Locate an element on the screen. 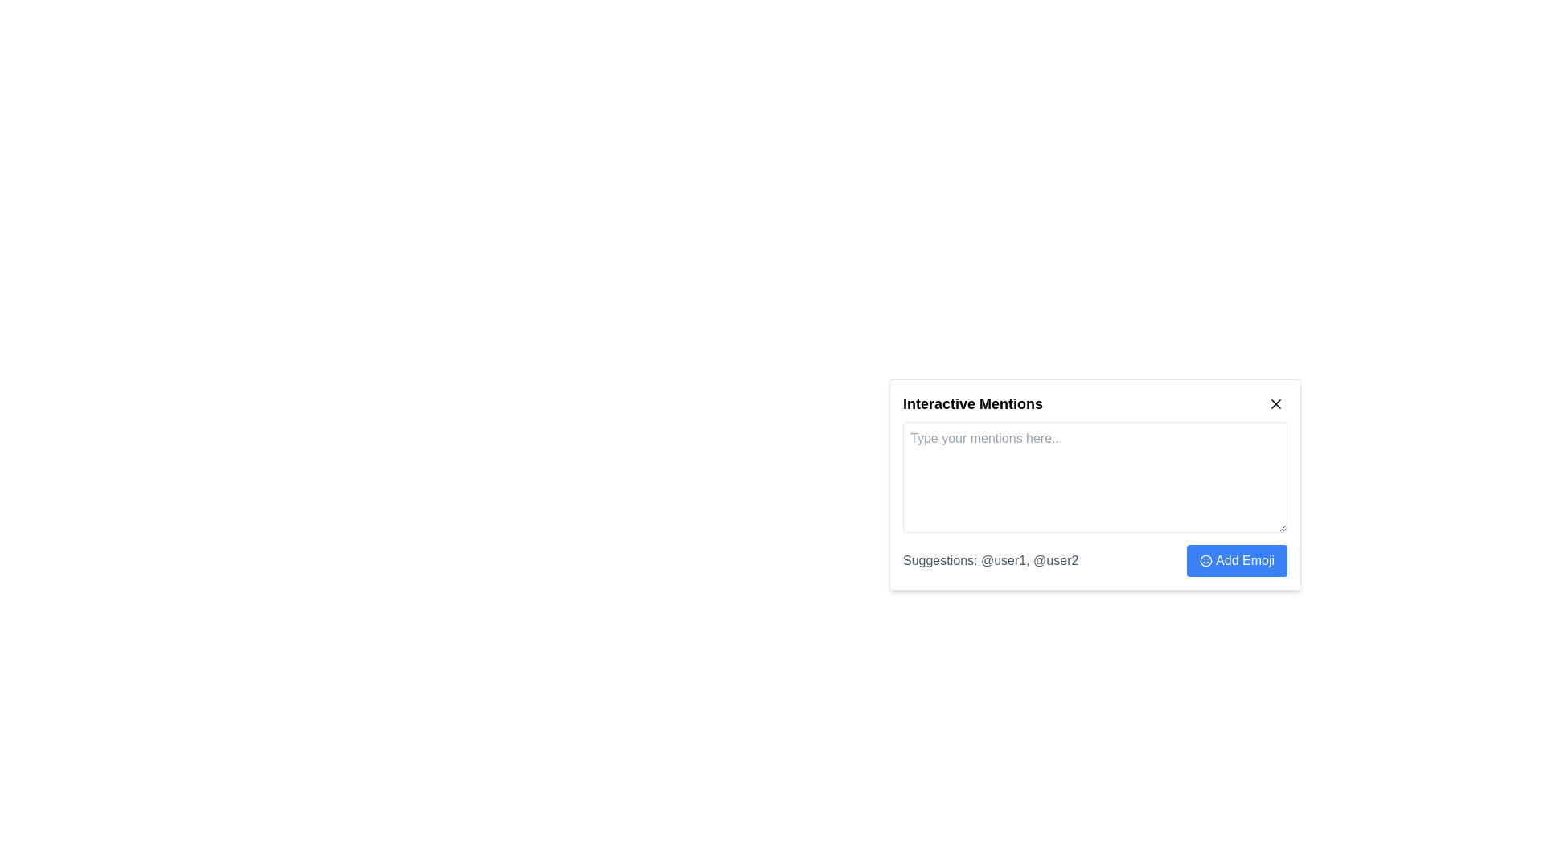 The height and width of the screenshot is (868, 1544). the blue rectangular button with rounded edges that has a white smiley face icon and the text 'Add Emoji' is located at coordinates (1235, 560).